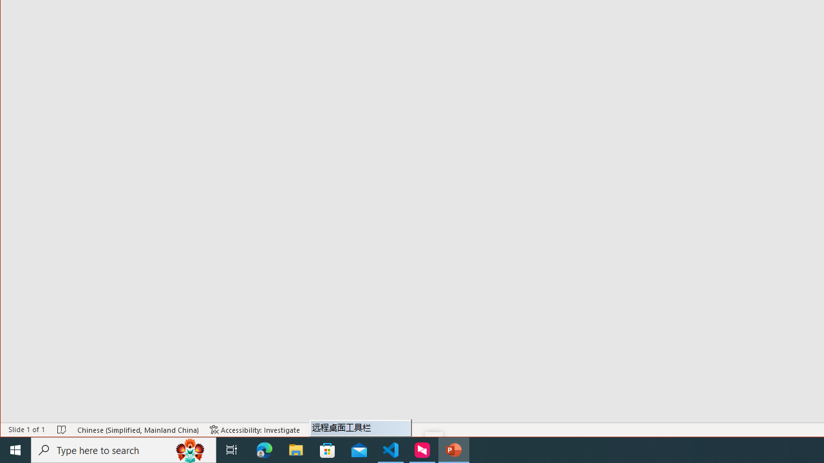 Image resolution: width=824 pixels, height=463 pixels. I want to click on 'Start', so click(15, 449).